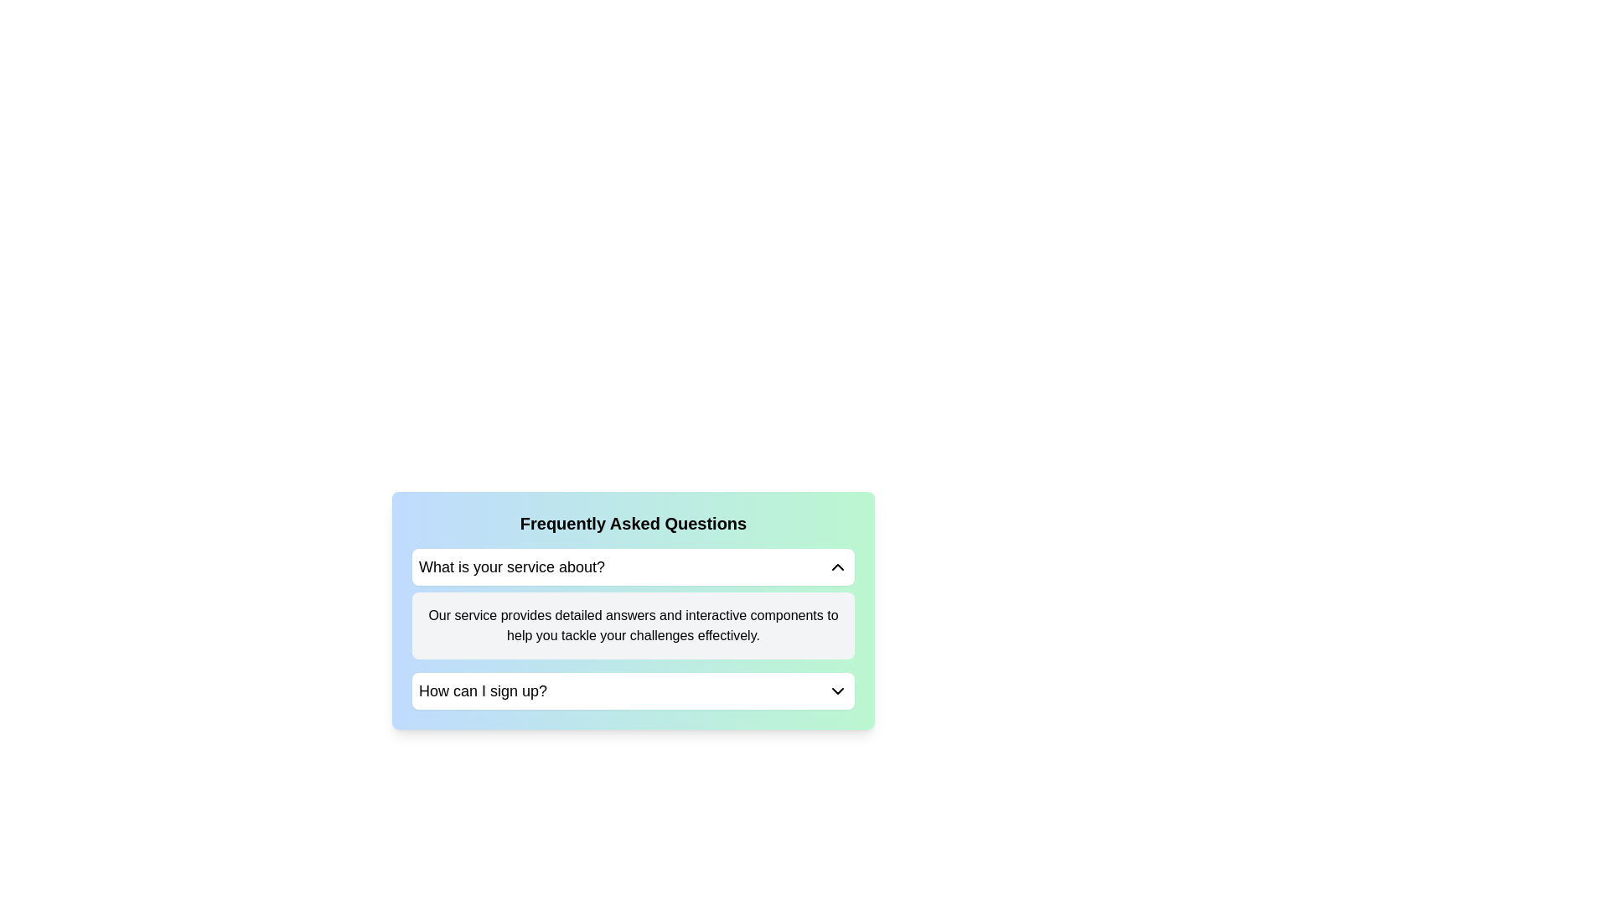 Image resolution: width=1609 pixels, height=905 pixels. Describe the element at coordinates (632, 626) in the screenshot. I see `the static text block displaying 'Our service provides detailed answers and interactive components to help you tackle your challenges effectively.' which is centrally aligned within a light gray rounded rectangular background, situated below the question 'What is your service about?'` at that location.